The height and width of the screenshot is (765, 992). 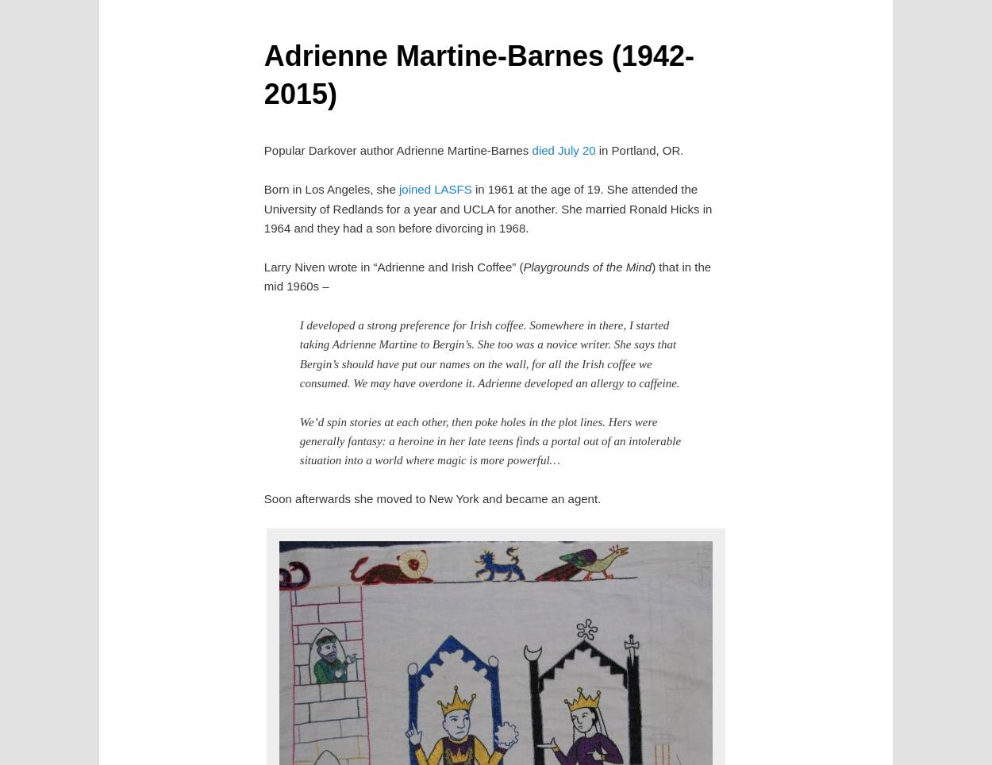 What do you see at coordinates (562, 149) in the screenshot?
I see `'died July 20'` at bounding box center [562, 149].